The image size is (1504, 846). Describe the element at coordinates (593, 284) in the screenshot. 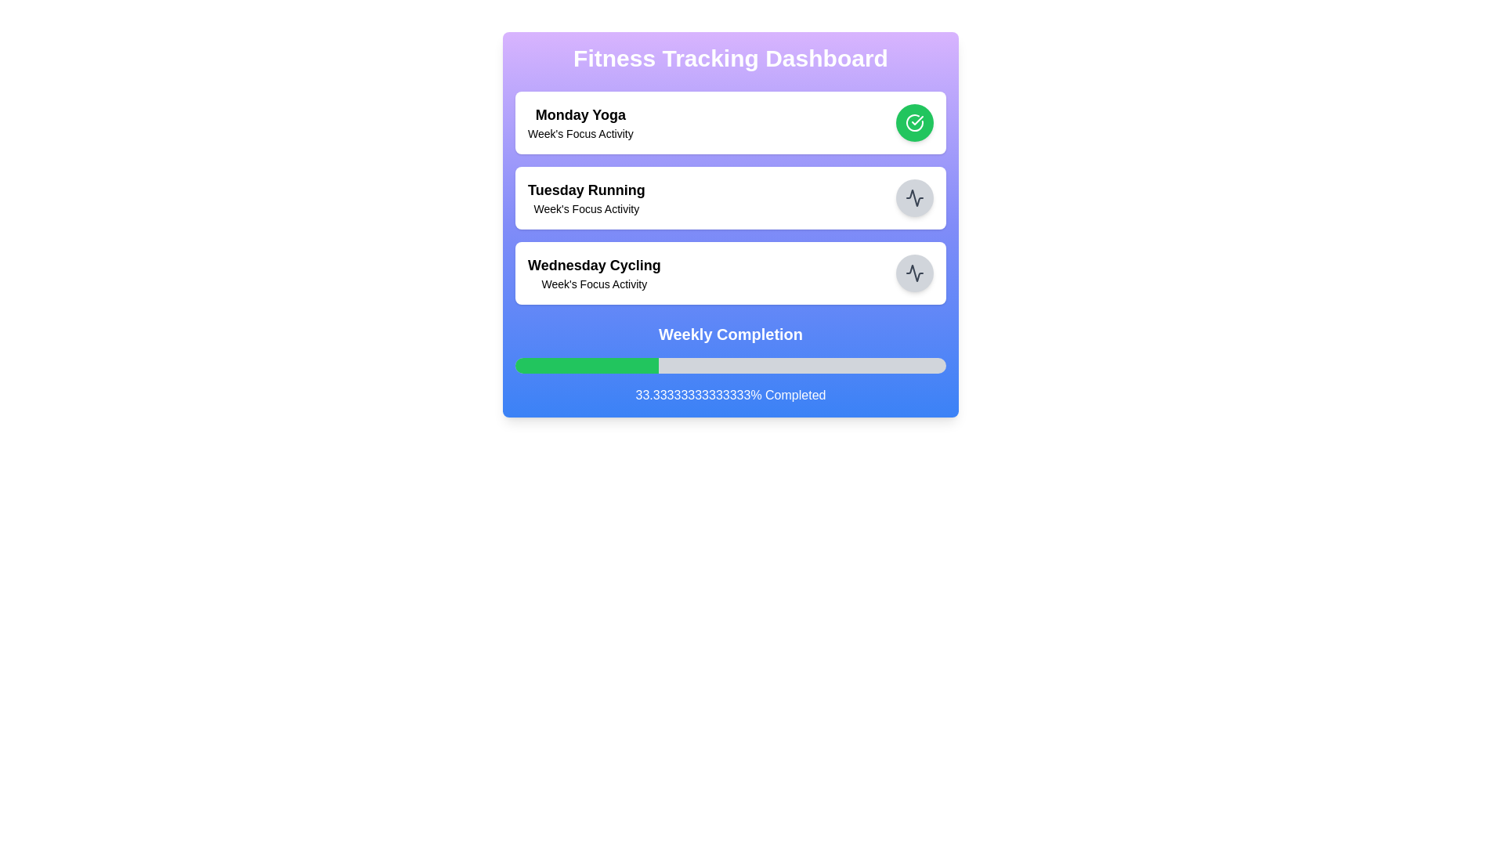

I see `the text label that displays "Week's Focus Activity", which is located below the "Wednesday Cycling" label and is the third in sequence of activity labels` at that location.